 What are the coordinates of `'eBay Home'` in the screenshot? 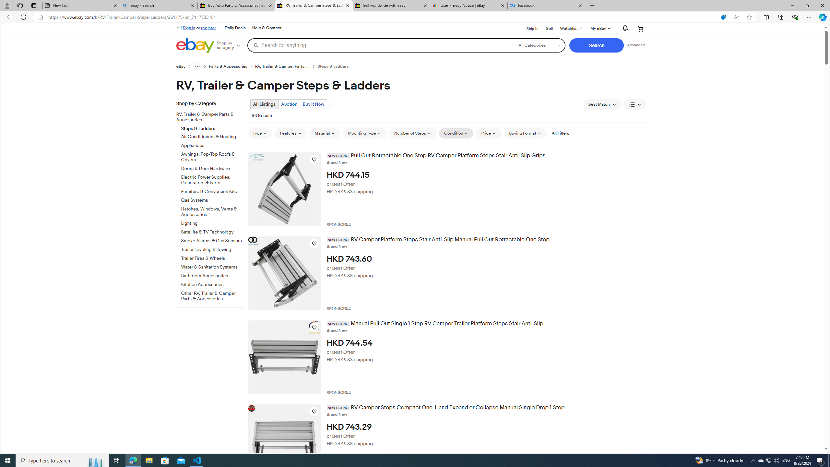 It's located at (195, 45).